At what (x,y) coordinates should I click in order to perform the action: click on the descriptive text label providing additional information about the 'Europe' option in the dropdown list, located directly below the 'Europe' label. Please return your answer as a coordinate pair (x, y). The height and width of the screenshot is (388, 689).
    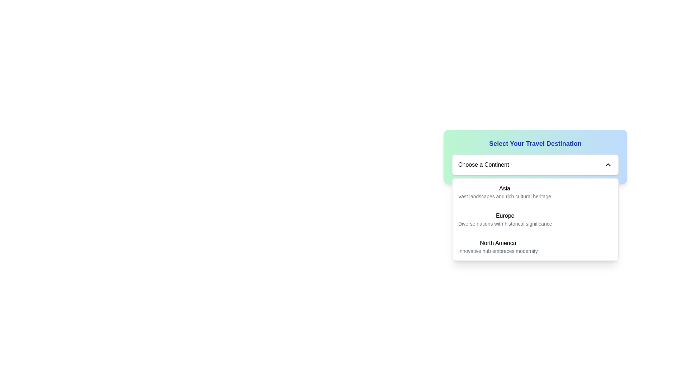
    Looking at the image, I should click on (505, 223).